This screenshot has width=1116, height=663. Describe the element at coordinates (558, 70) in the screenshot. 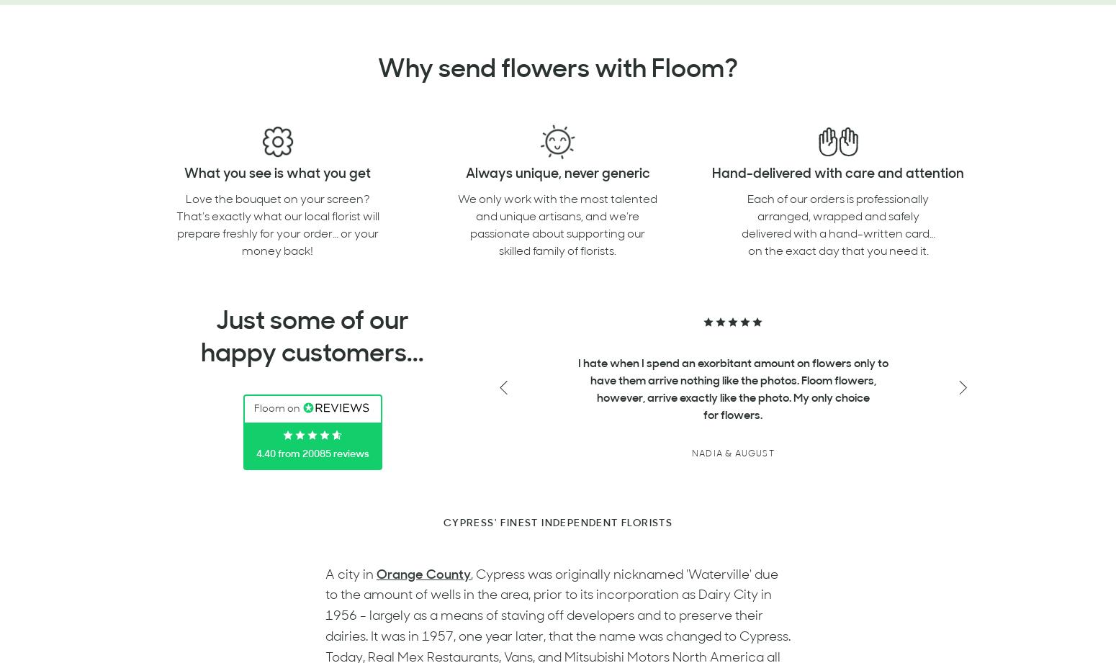

I see `'Why send flowers with Floom?'` at that location.